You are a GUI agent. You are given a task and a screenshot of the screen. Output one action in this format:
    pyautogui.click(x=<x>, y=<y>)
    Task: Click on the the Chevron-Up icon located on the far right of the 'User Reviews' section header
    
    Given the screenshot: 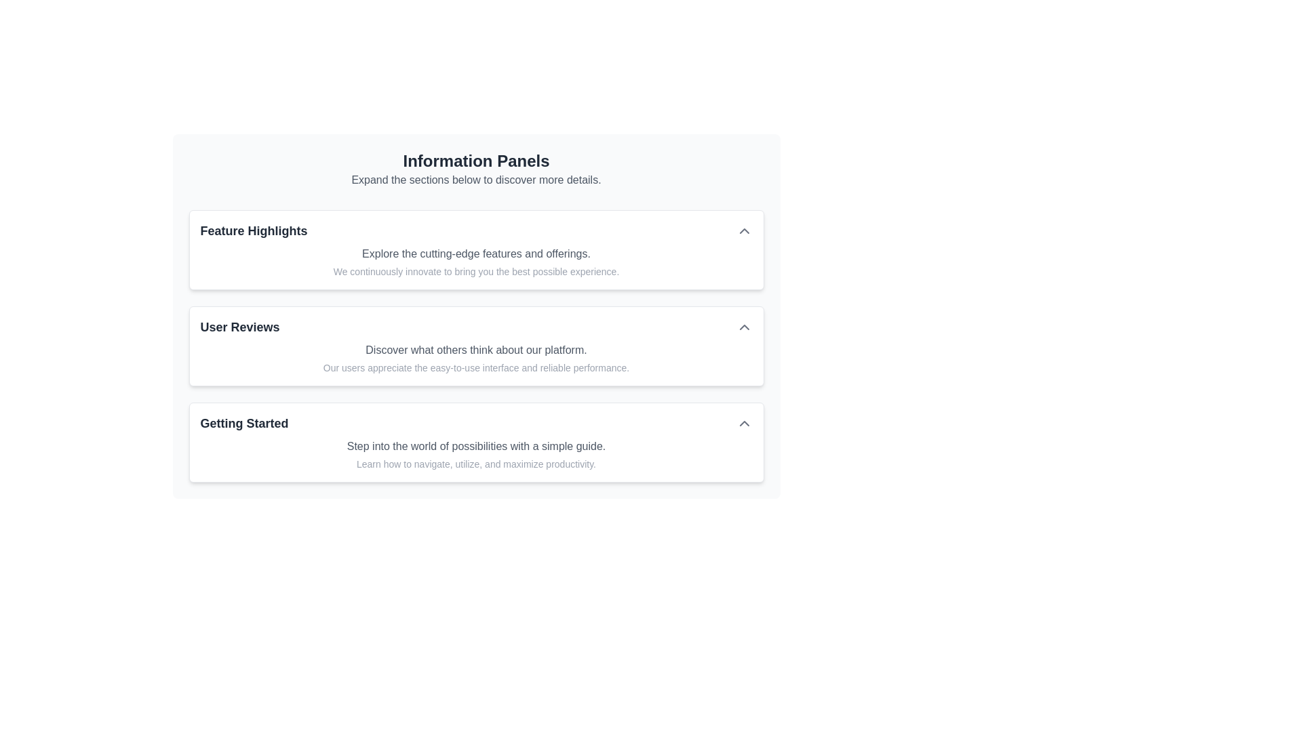 What is the action you would take?
    pyautogui.click(x=743, y=327)
    